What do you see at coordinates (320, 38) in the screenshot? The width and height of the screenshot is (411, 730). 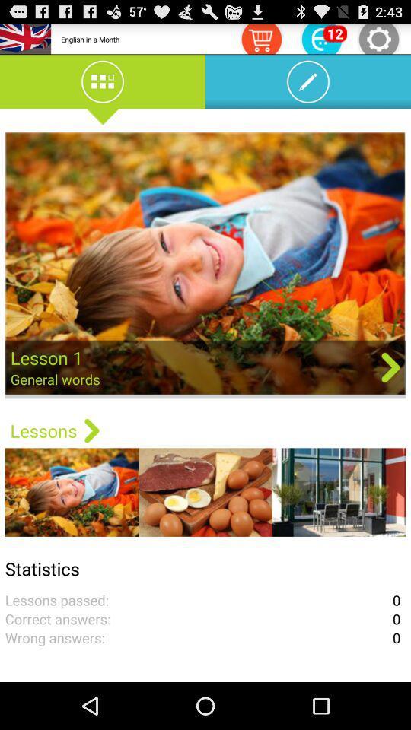 I see `advertisement` at bounding box center [320, 38].